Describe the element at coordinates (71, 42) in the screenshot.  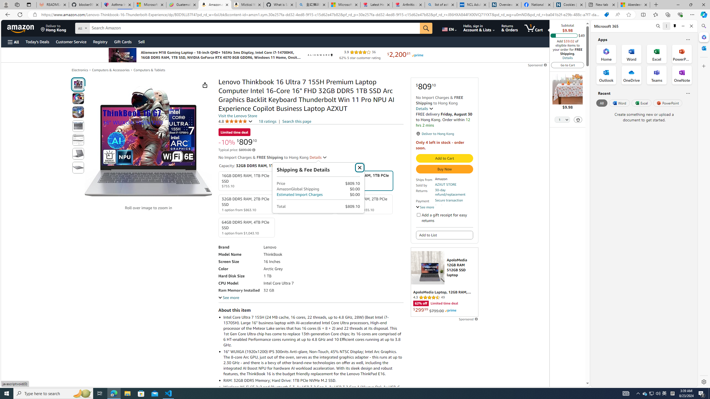
I see `'Customer Service'` at that location.